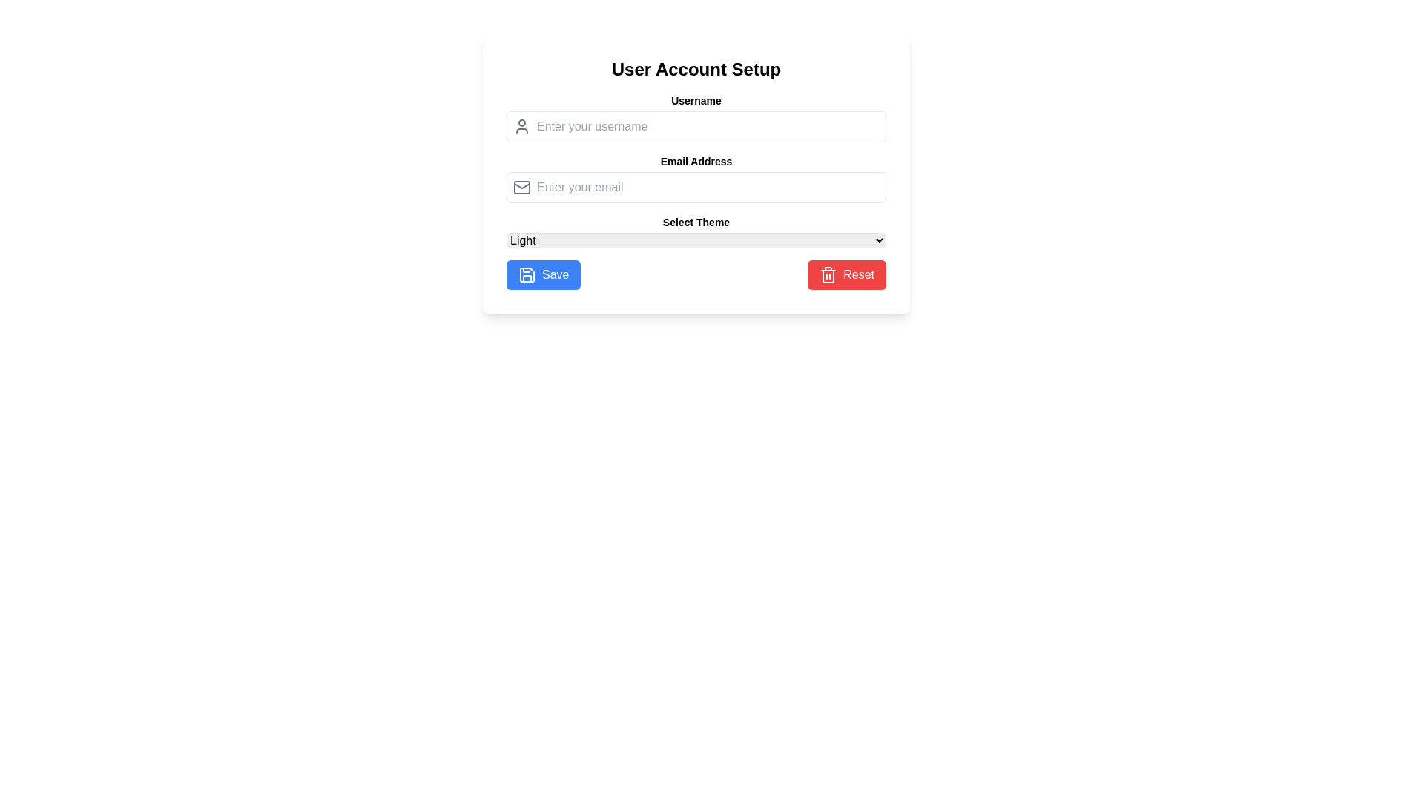 This screenshot has height=801, width=1424. Describe the element at coordinates (543, 274) in the screenshot. I see `the 'Save' button located at the bottom-left corner of the 'User Account Setup' section` at that location.